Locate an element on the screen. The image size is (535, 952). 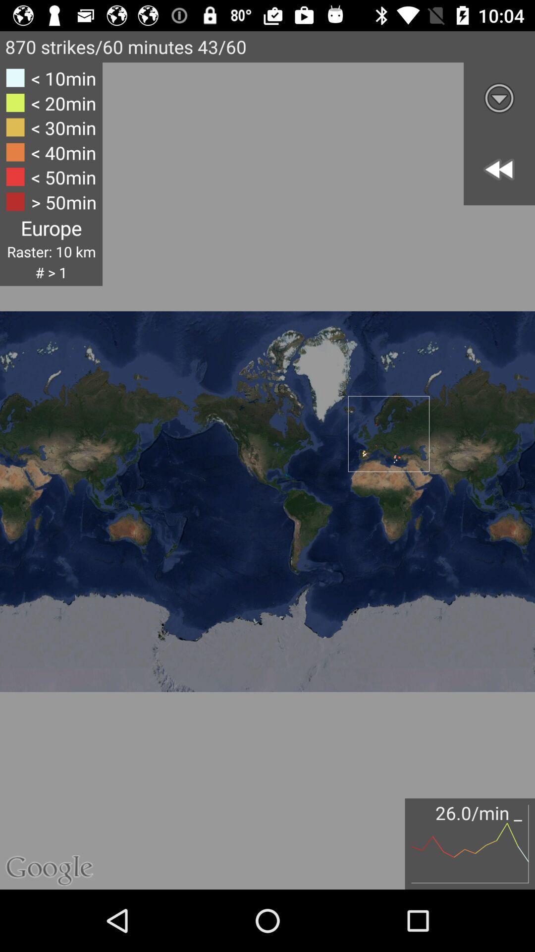
item at the bottom left corner is located at coordinates (58, 831).